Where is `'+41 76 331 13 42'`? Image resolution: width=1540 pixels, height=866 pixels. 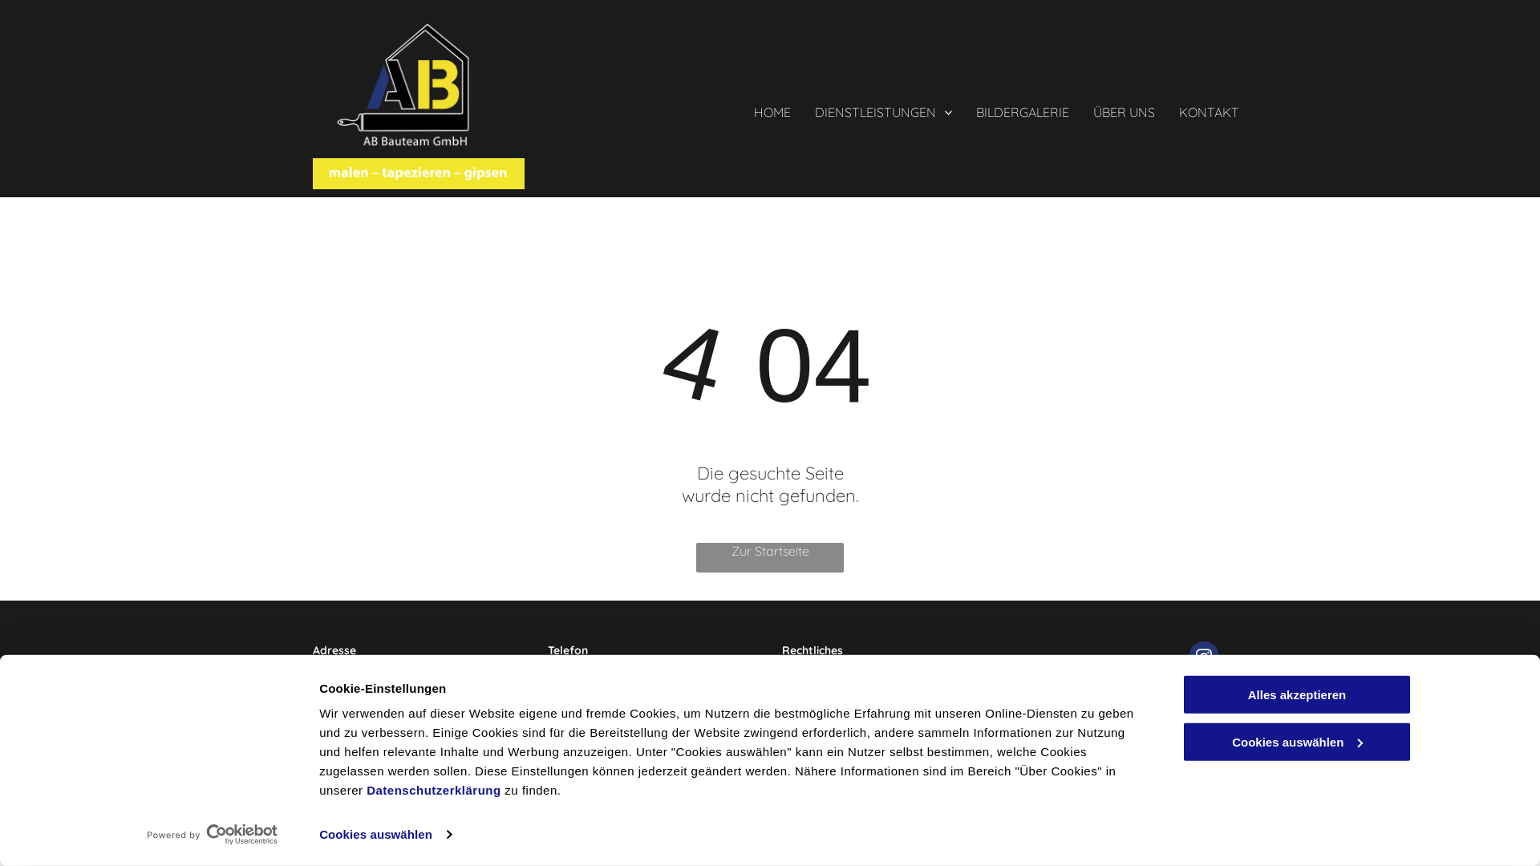
'+41 76 331 13 42' is located at coordinates (546, 668).